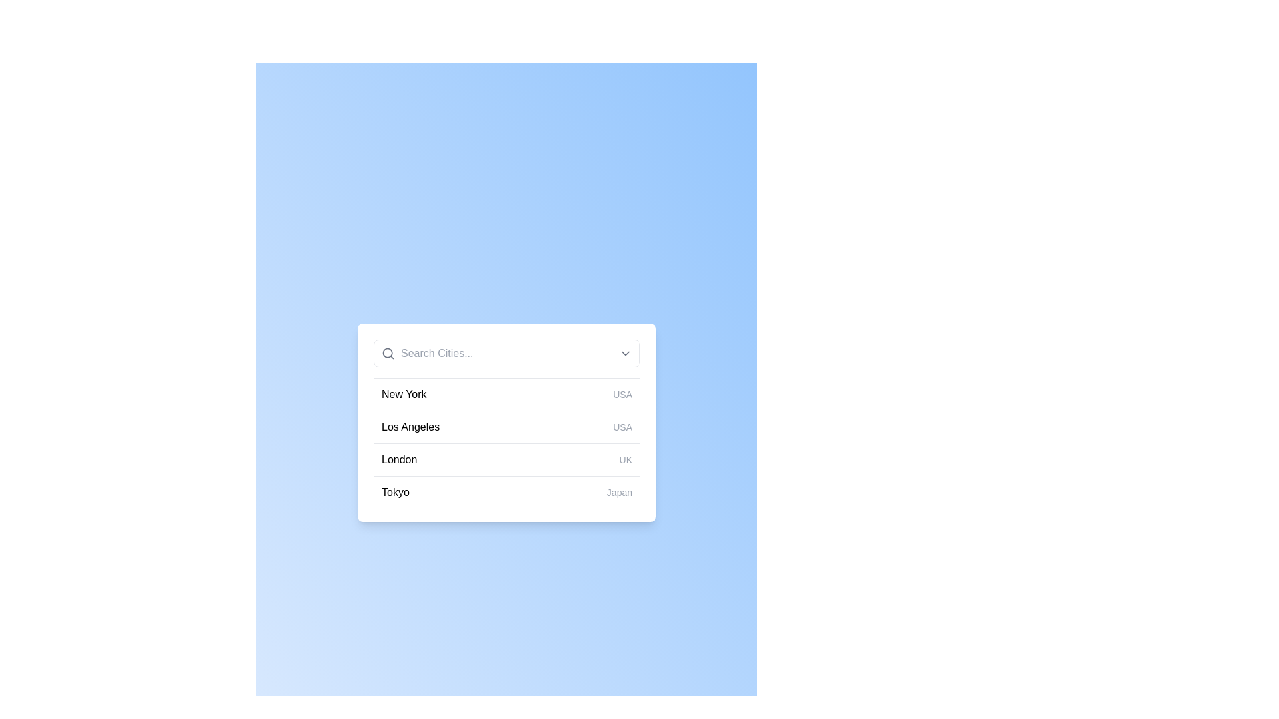 This screenshot has height=719, width=1279. Describe the element at coordinates (398, 459) in the screenshot. I see `the text label displaying 'London'` at that location.